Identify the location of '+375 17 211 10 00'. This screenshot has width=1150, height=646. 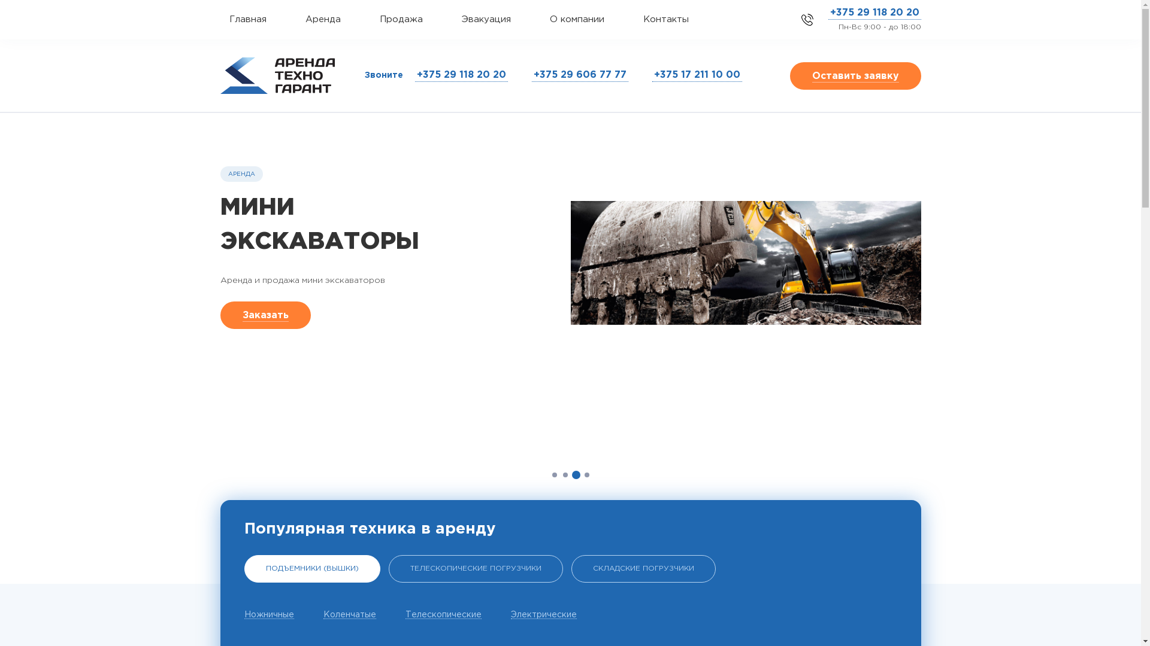
(651, 75).